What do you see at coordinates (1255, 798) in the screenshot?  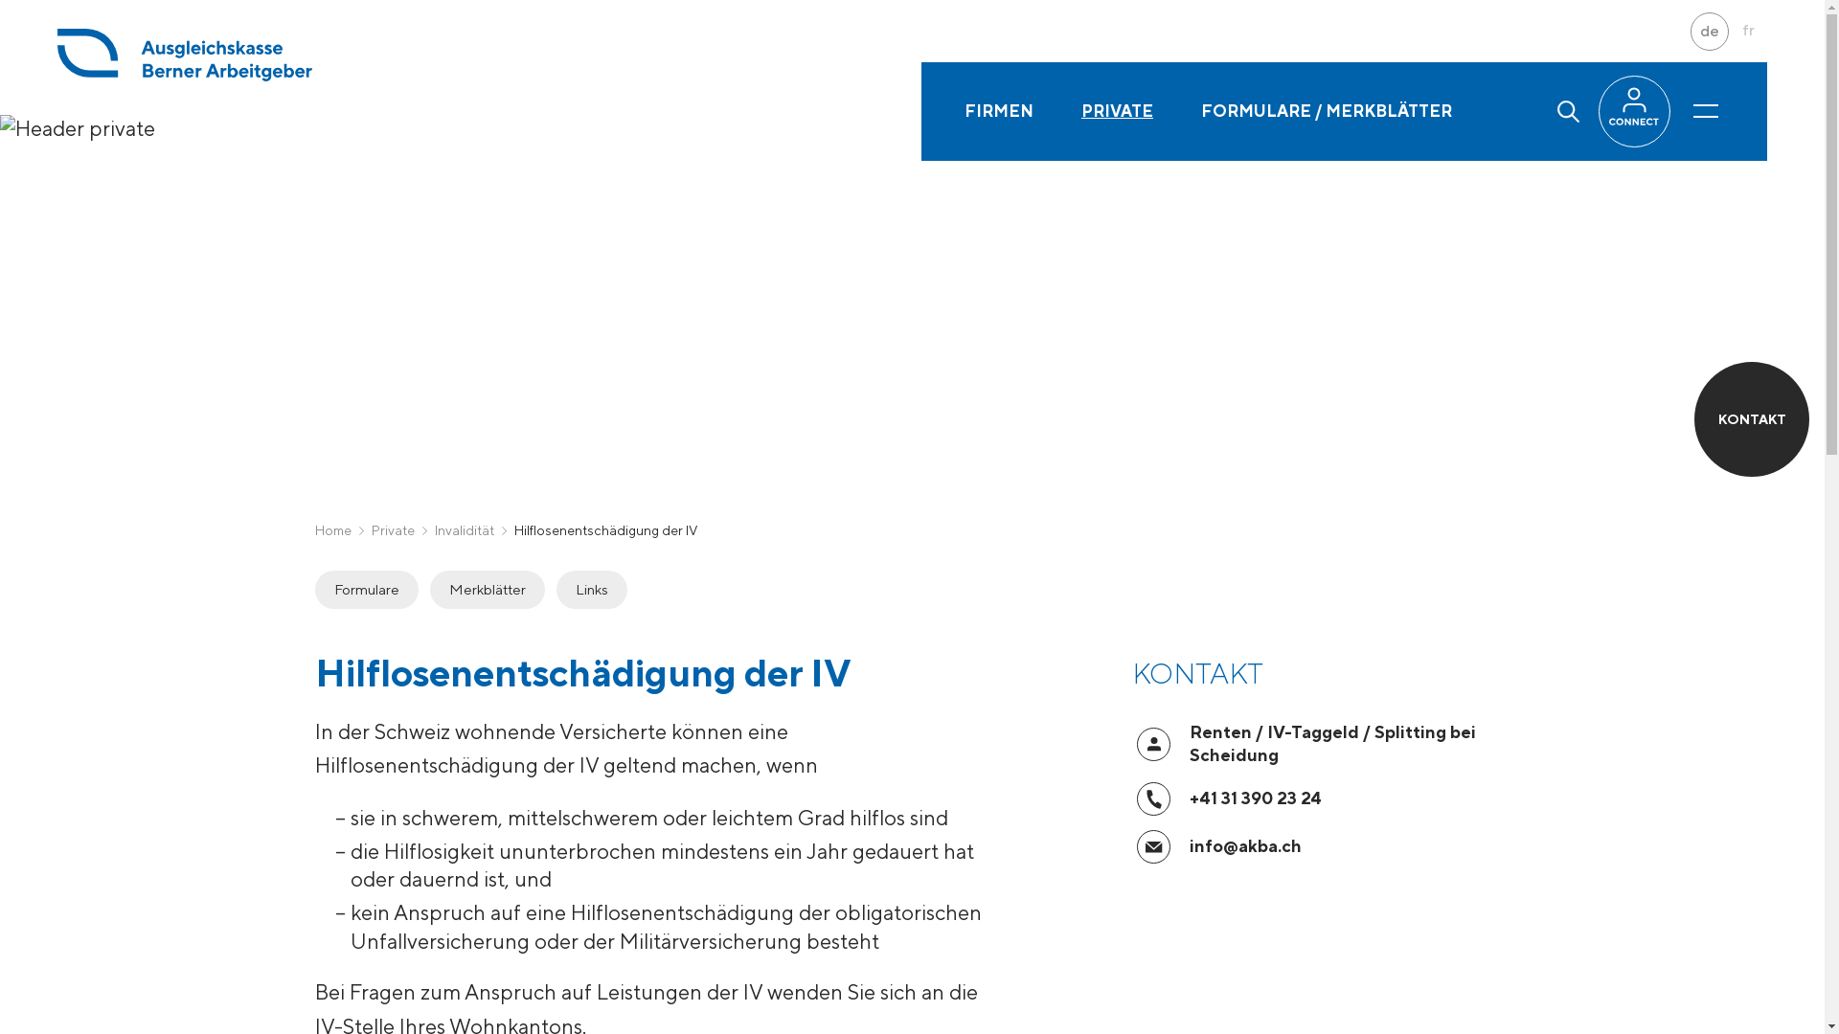 I see `'+41 31 390 23 24'` at bounding box center [1255, 798].